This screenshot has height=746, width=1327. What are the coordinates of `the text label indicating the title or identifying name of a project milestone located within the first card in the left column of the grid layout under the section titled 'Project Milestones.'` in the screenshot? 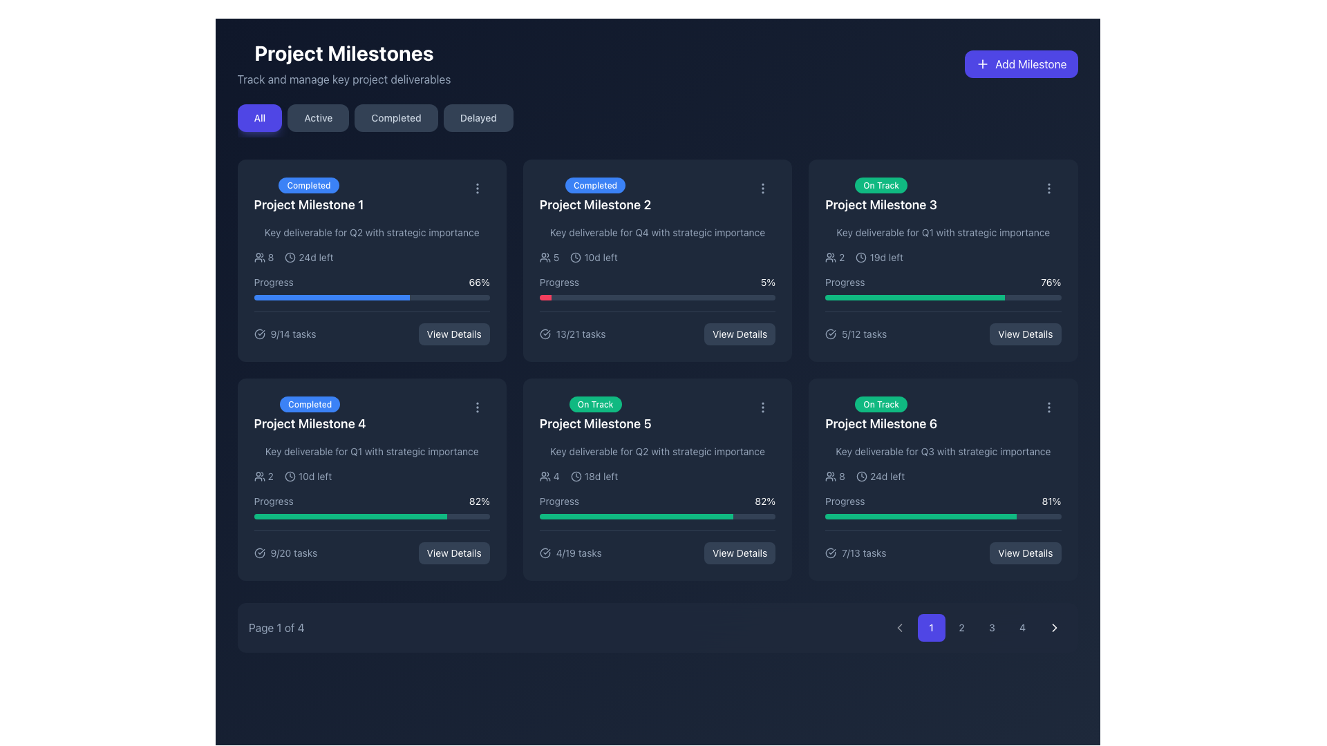 It's located at (308, 205).